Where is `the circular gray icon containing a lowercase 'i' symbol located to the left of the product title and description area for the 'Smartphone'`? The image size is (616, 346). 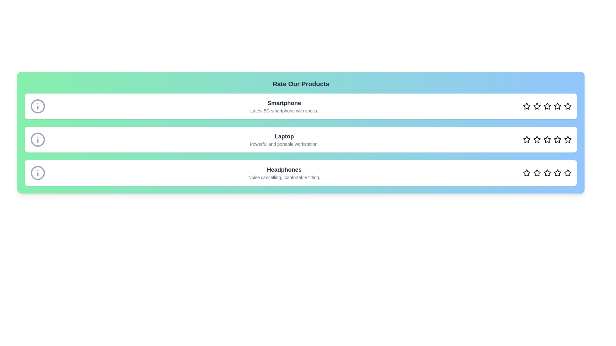
the circular gray icon containing a lowercase 'i' symbol located to the left of the product title and description area for the 'Smartphone' is located at coordinates (38, 106).